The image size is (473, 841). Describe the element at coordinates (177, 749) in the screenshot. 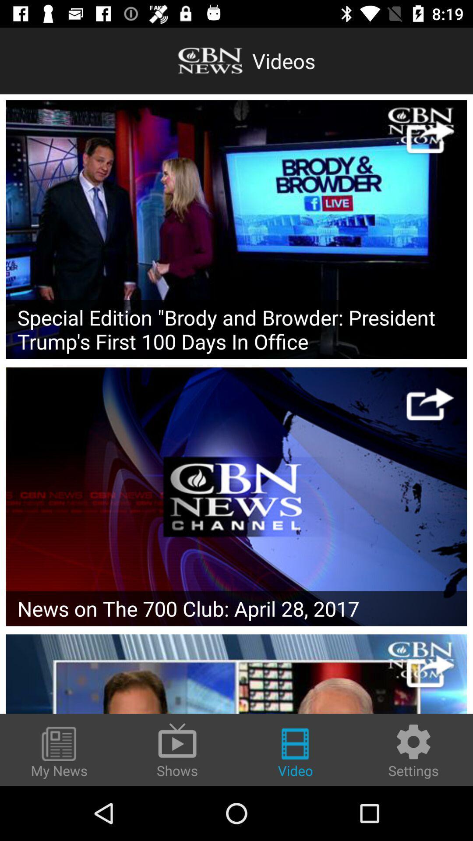

I see `the item to the right of the my news` at that location.